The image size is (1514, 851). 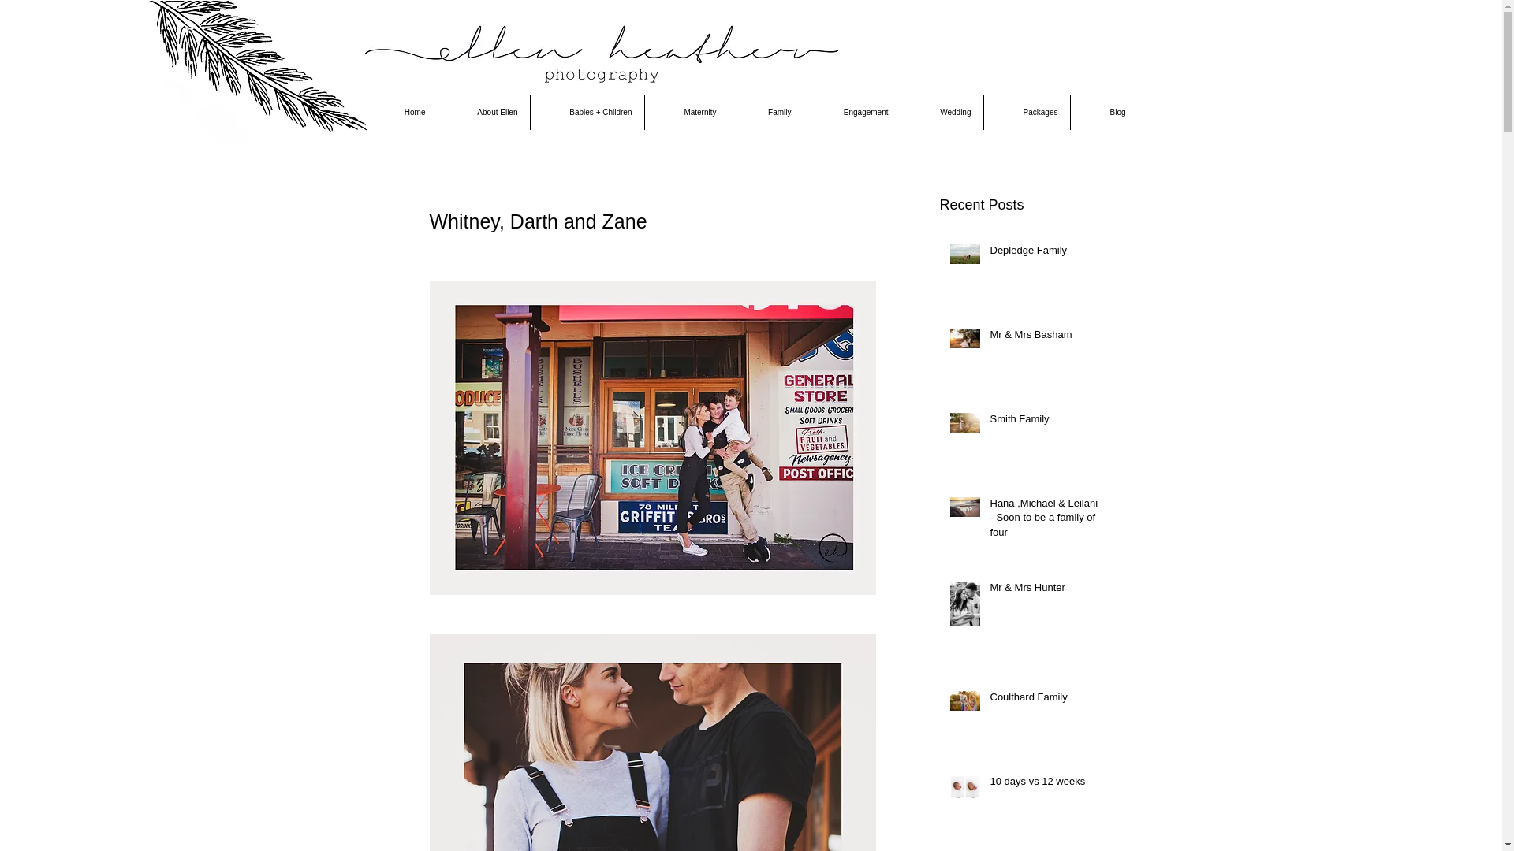 I want to click on 'Smith Family', so click(x=990, y=422).